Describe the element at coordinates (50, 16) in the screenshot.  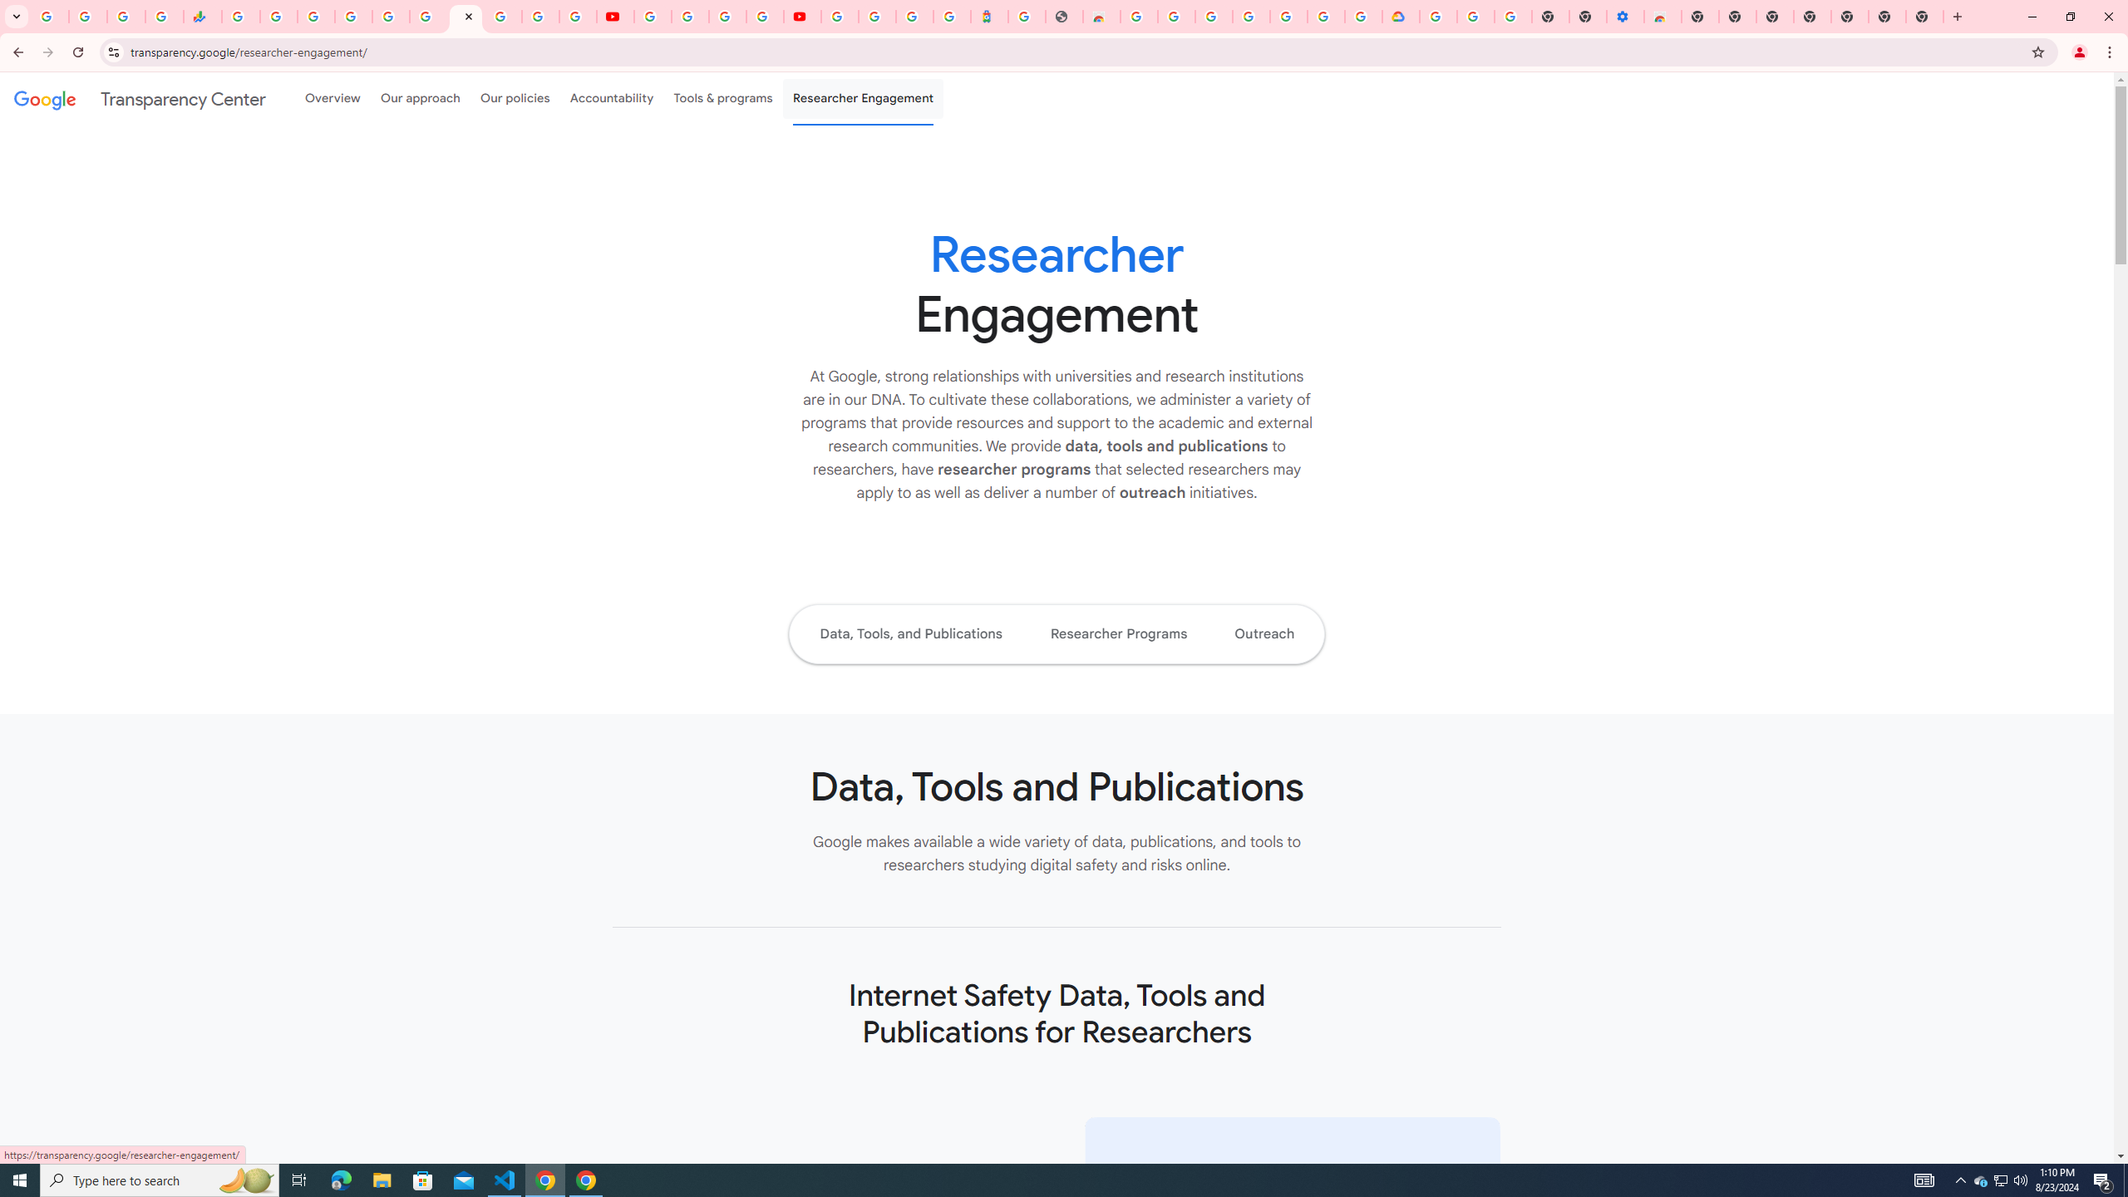
I see `'Google Workspace Admin Community'` at that location.